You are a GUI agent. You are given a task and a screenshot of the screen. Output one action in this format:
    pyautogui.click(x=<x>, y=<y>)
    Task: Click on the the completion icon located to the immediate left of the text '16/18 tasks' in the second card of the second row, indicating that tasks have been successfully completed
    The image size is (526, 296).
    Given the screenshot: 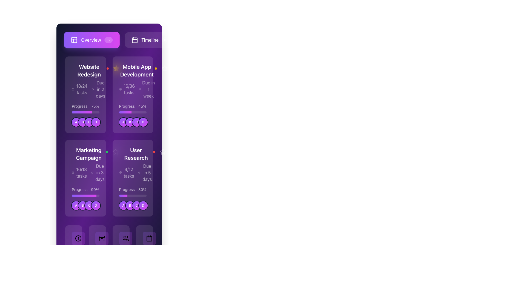 What is the action you would take?
    pyautogui.click(x=73, y=172)
    